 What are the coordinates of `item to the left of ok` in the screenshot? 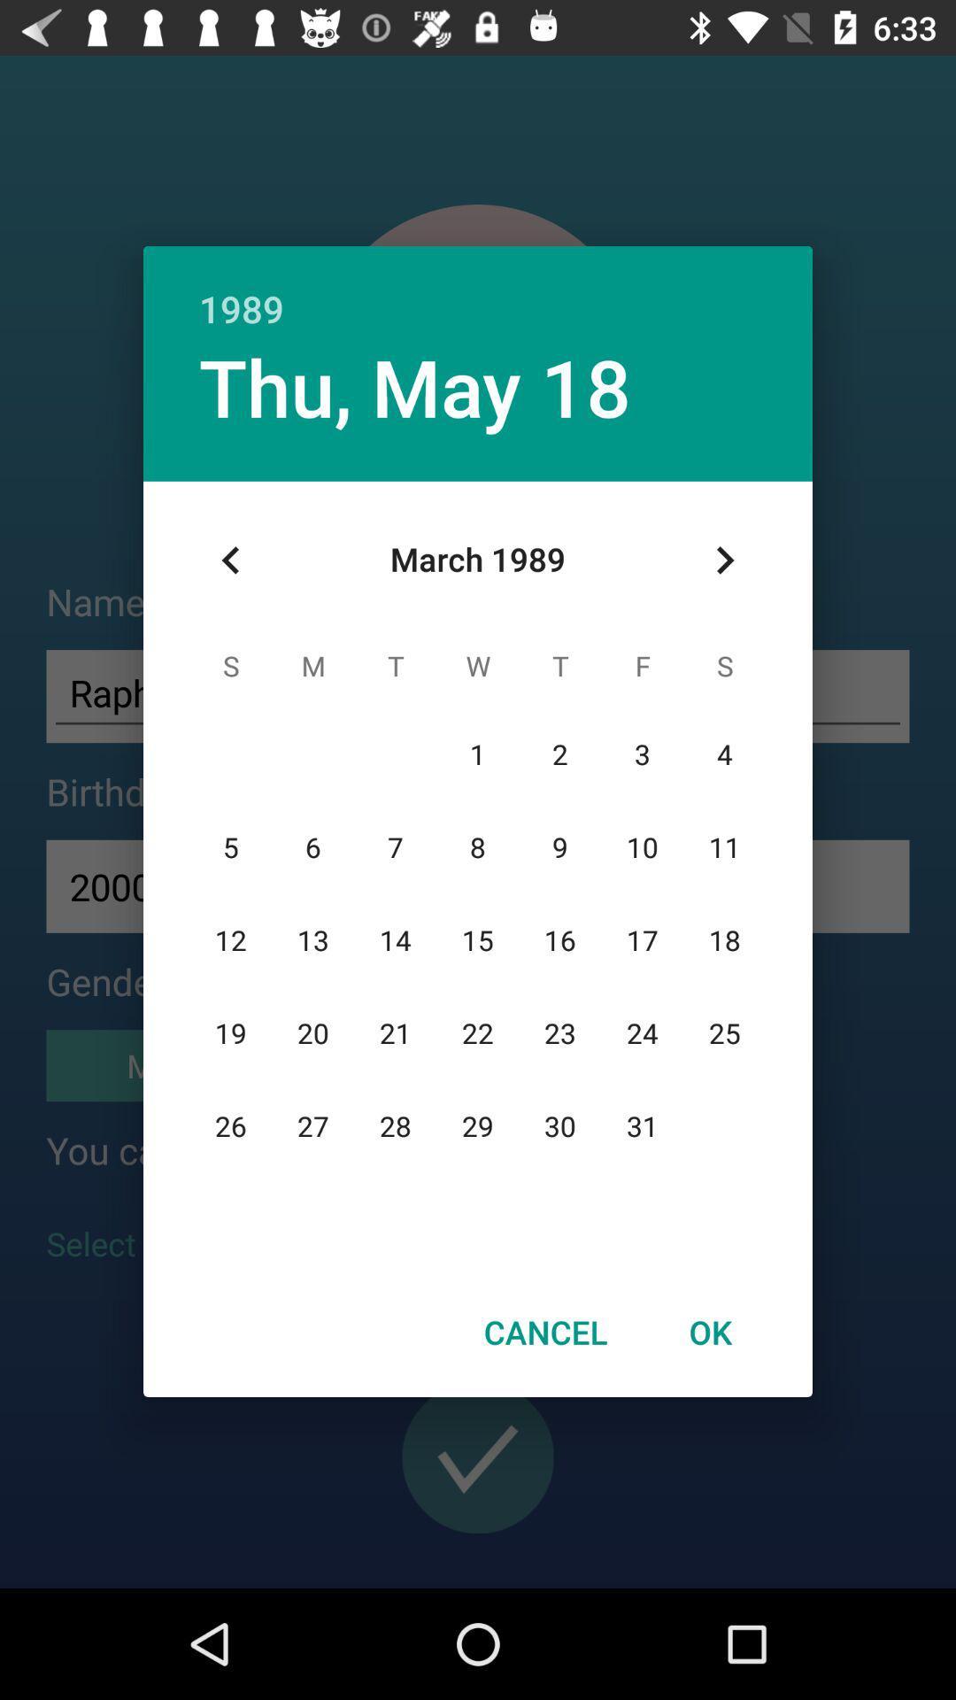 It's located at (544, 1332).